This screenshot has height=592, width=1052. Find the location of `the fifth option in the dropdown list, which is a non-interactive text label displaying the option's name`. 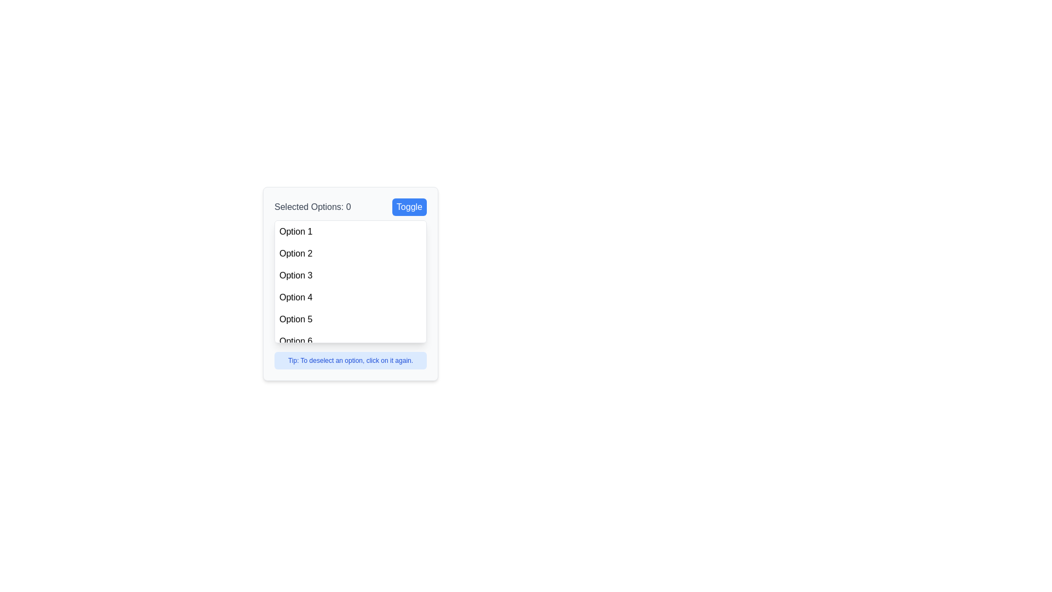

the fifth option in the dropdown list, which is a non-interactive text label displaying the option's name is located at coordinates (296, 319).